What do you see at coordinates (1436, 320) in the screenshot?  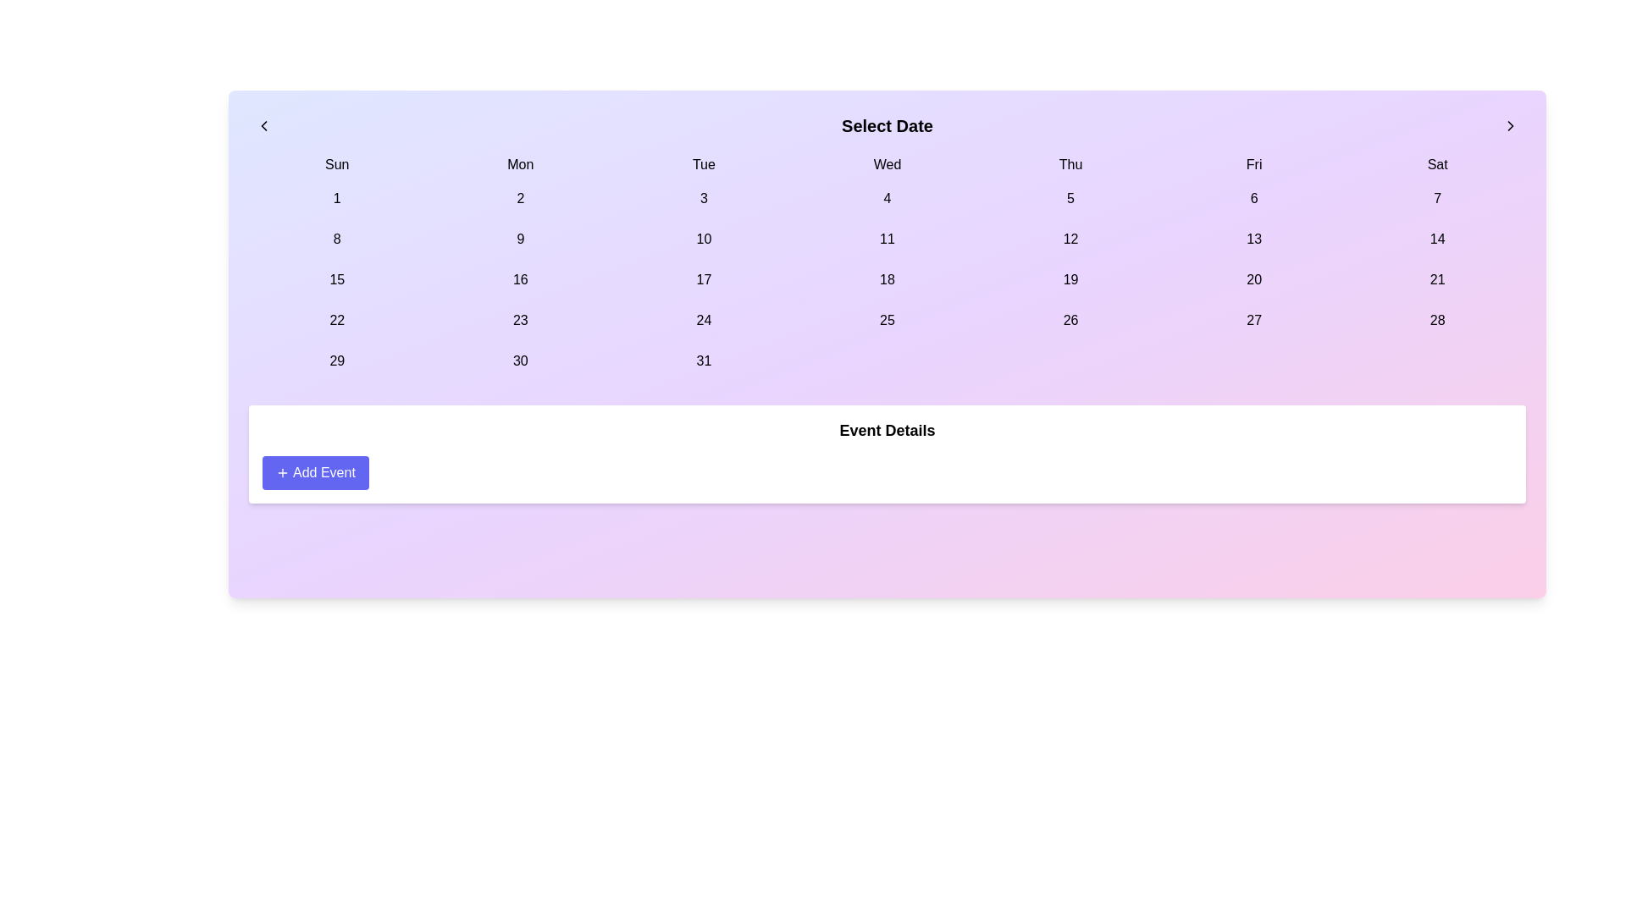 I see `the selectable day button in the calendar interface, located in the last column of the 4th week` at bounding box center [1436, 320].